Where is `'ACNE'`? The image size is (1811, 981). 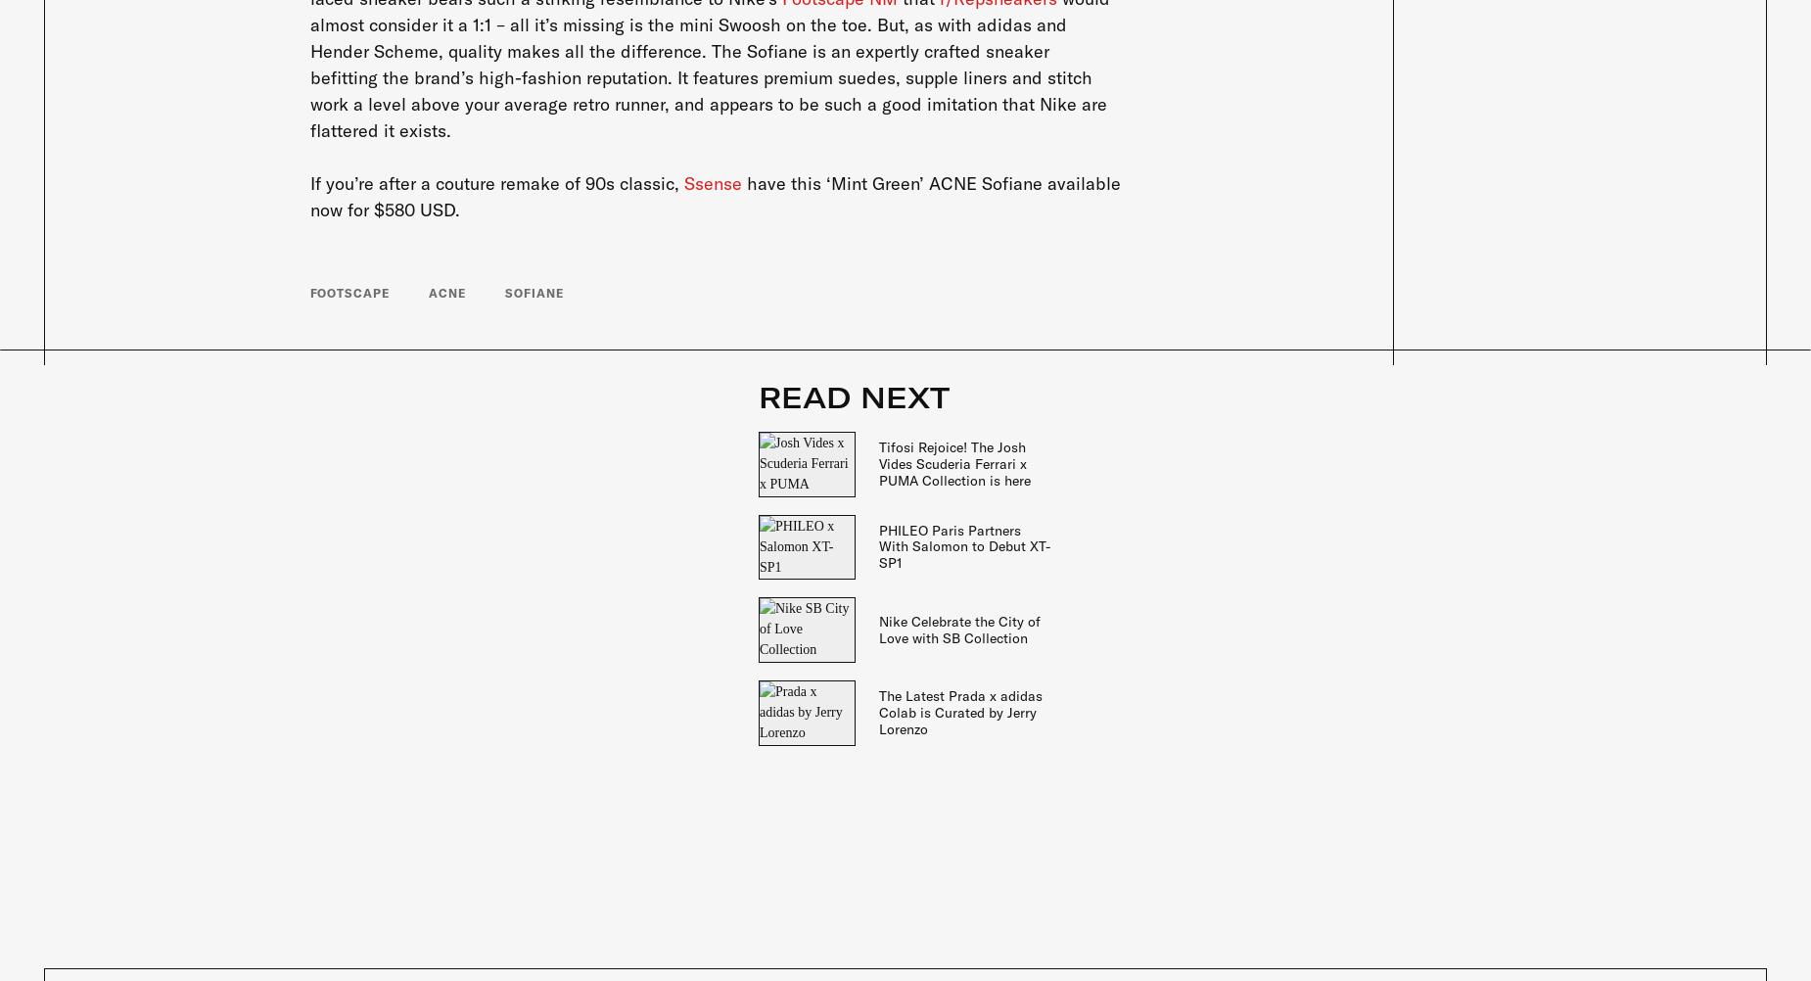 'ACNE' is located at coordinates (445, 292).